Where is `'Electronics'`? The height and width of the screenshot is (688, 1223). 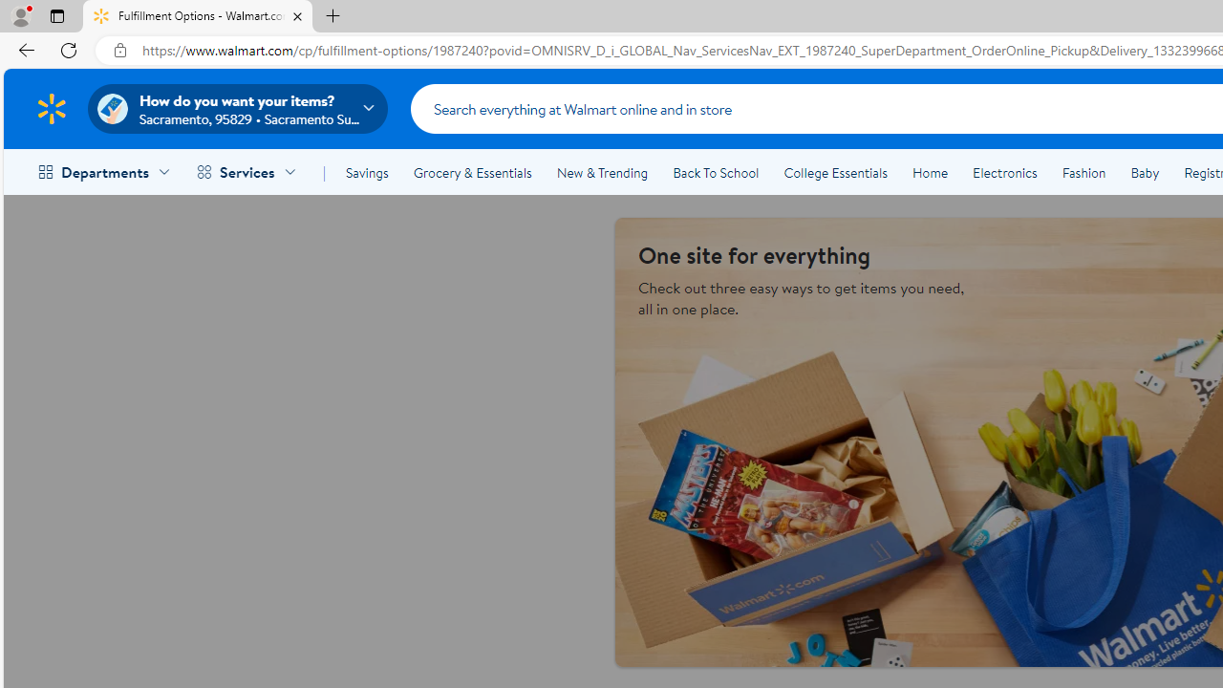 'Electronics' is located at coordinates (1003, 173).